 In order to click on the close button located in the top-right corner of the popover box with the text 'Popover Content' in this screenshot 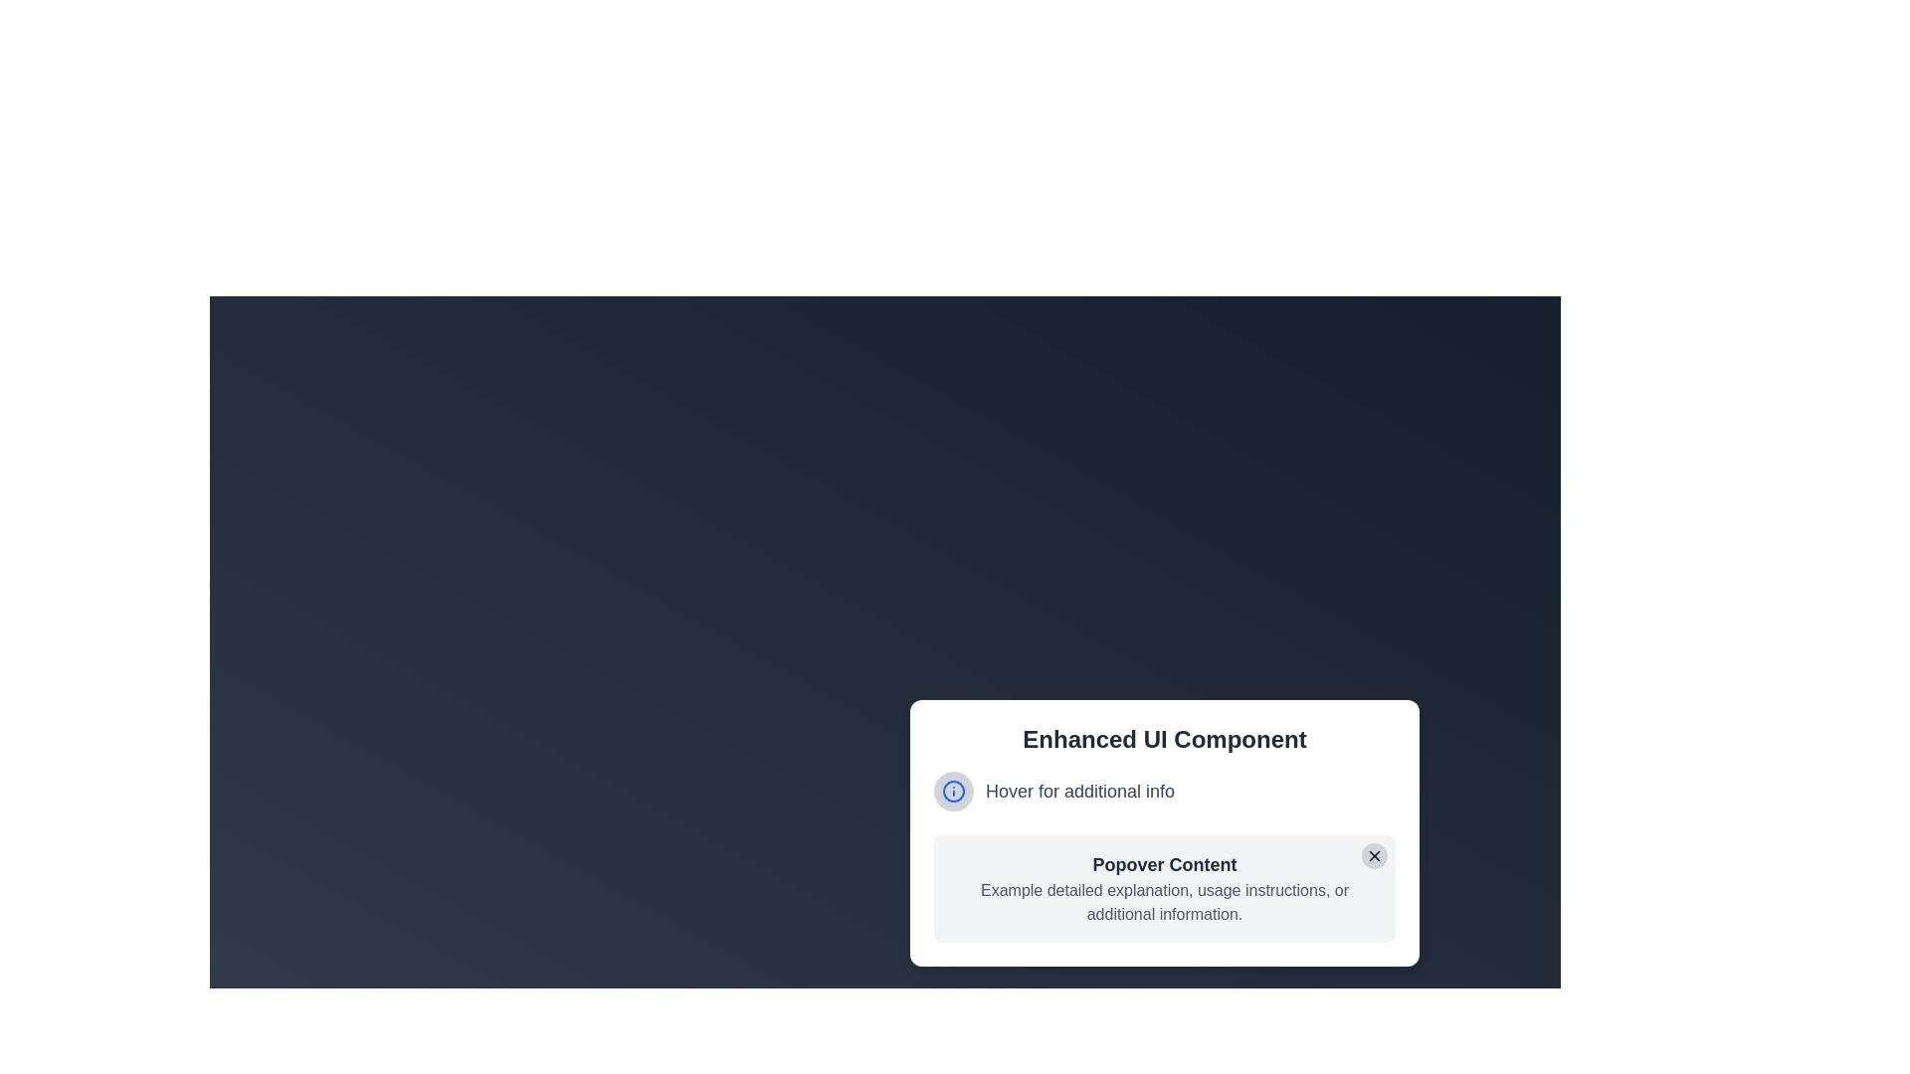, I will do `click(1374, 854)`.